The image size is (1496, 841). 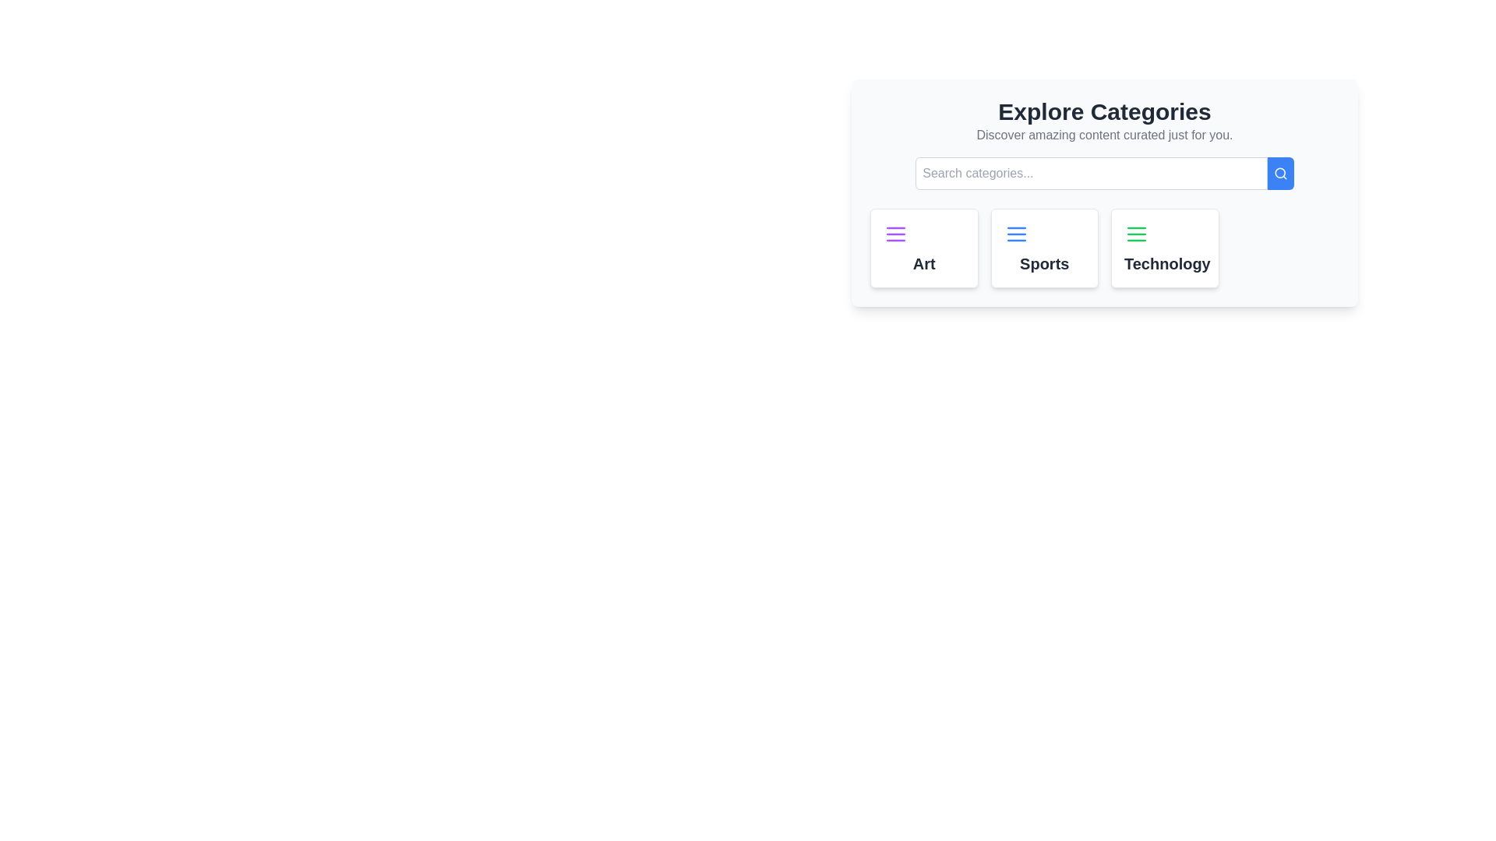 I want to click on the static text that reads 'Discover amazing content curated just for you.', which is styled in gray and positioned beneath the 'Explore Categories' title, so click(x=1103, y=134).